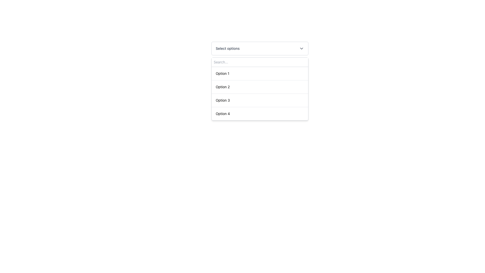 The width and height of the screenshot is (485, 273). I want to click on the text label containing 'Option 3' in the dropdown list, so click(222, 100).